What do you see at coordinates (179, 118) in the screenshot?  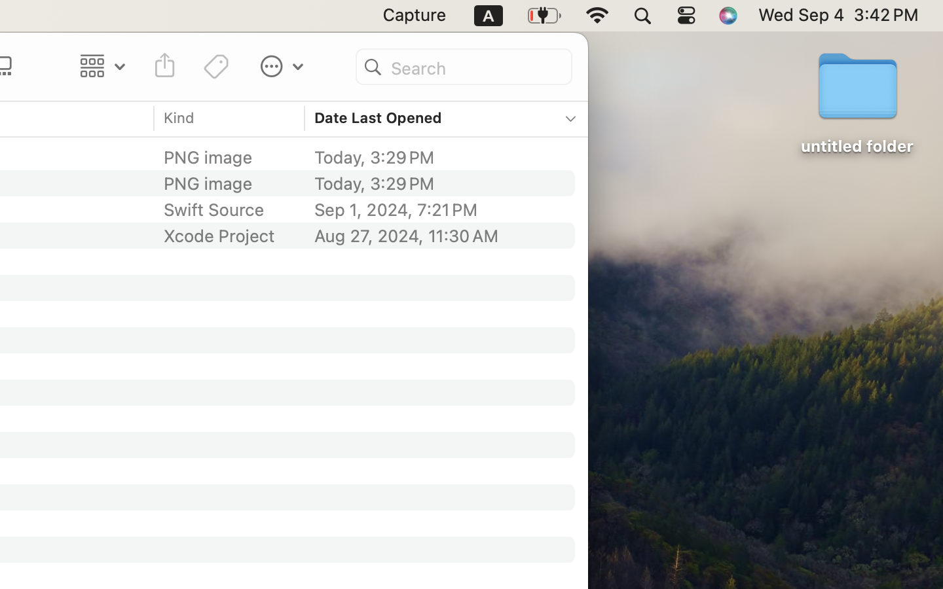 I see `'Kind'` at bounding box center [179, 118].